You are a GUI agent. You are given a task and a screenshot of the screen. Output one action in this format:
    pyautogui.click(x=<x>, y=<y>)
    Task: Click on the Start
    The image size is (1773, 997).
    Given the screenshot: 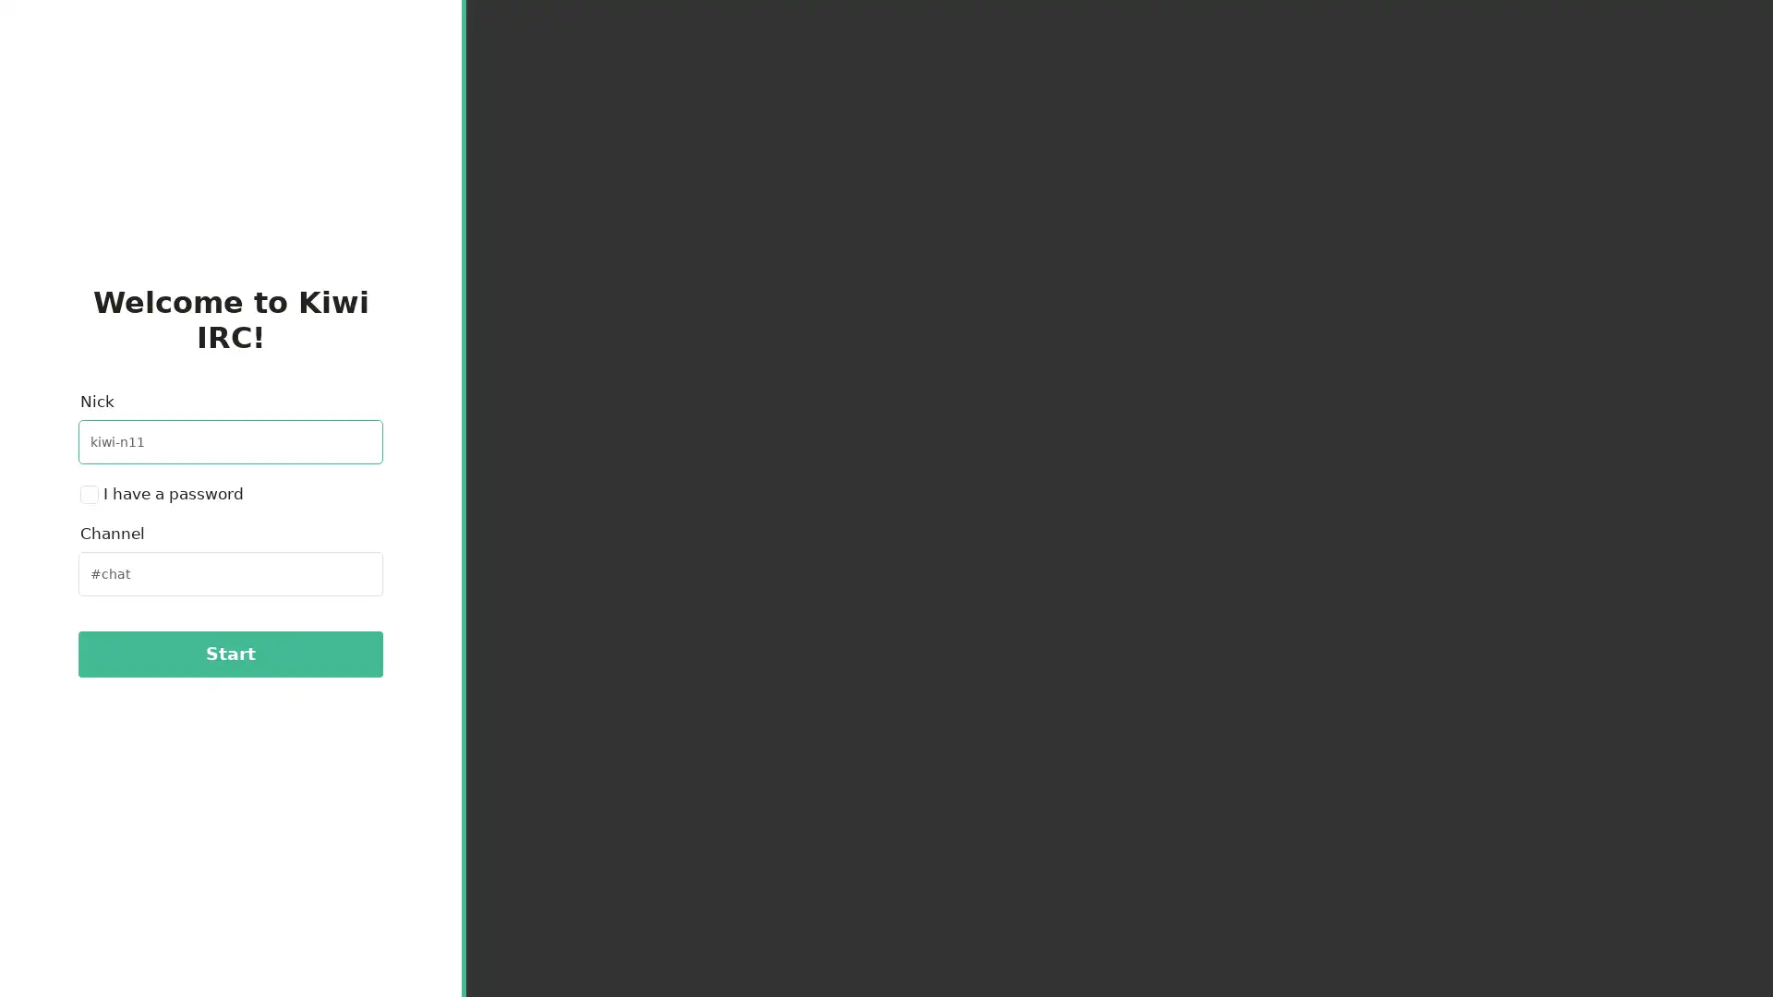 What is the action you would take?
    pyautogui.click(x=229, y=653)
    